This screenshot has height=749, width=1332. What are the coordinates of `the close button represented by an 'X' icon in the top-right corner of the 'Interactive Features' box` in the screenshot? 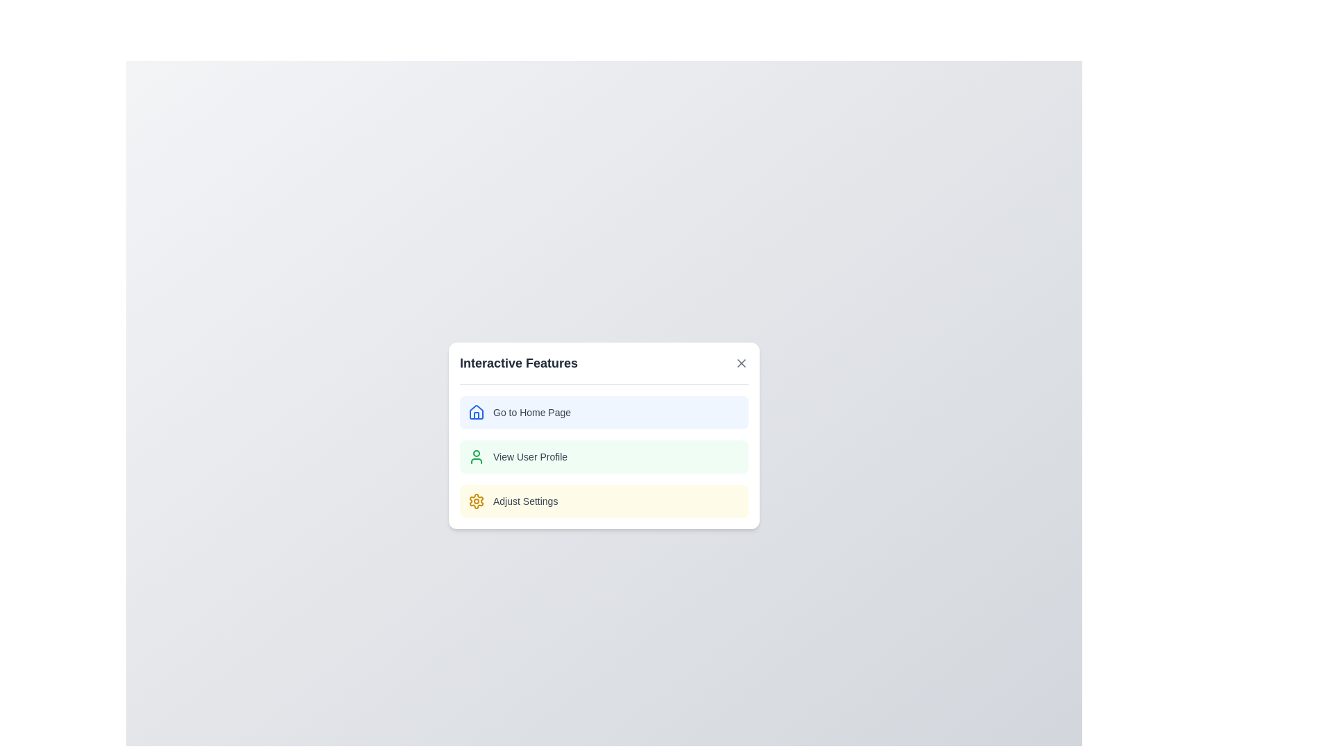 It's located at (741, 362).